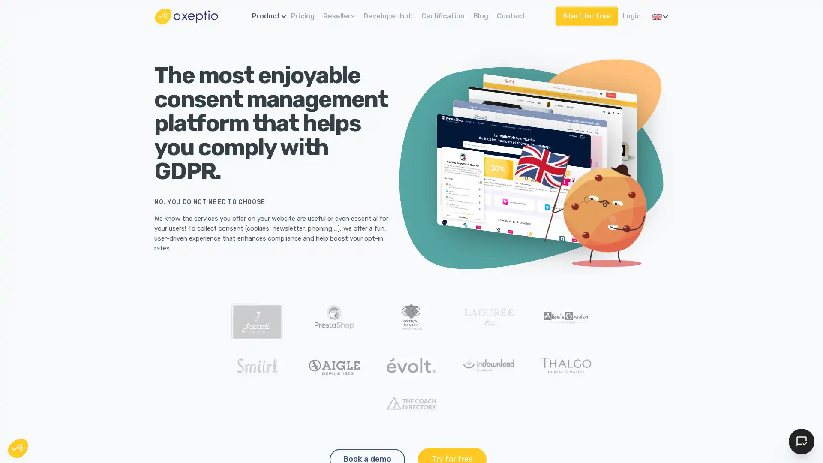 Image resolution: width=823 pixels, height=463 pixels. Describe the element at coordinates (99, 415) in the screenshot. I see `I want to choose` at that location.